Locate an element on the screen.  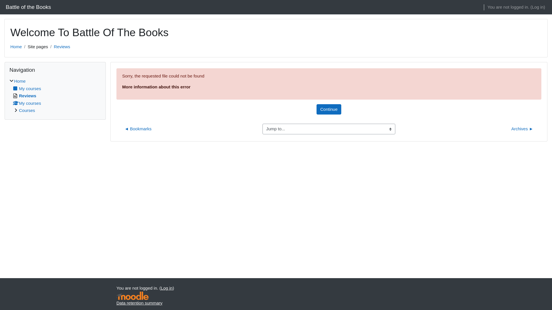
'Home' is located at coordinates (16, 46).